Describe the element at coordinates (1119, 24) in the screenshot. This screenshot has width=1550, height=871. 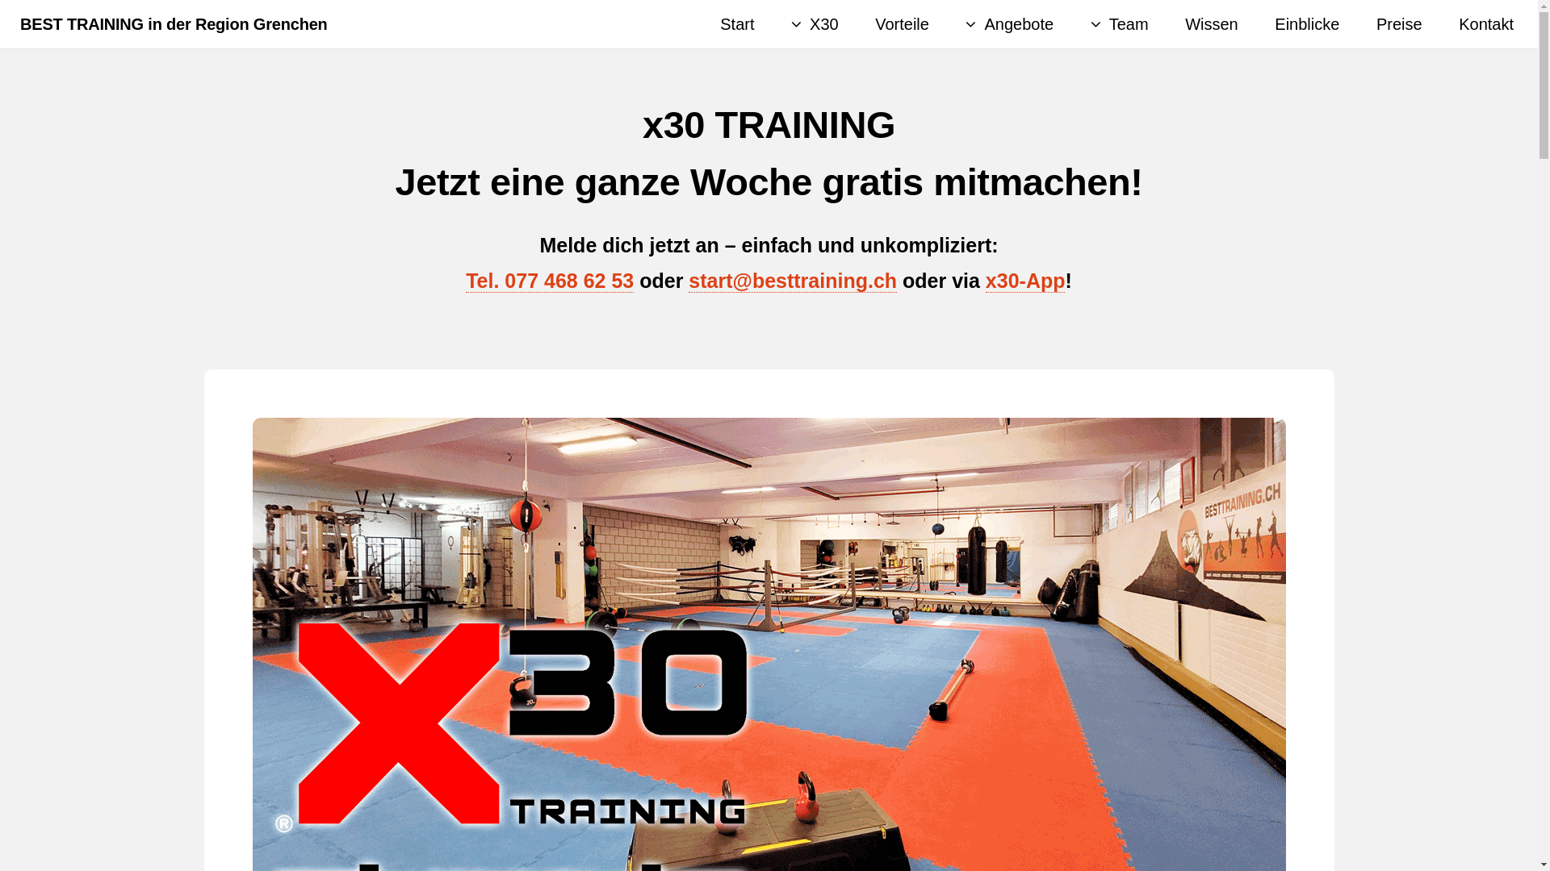
I see `'Team'` at that location.